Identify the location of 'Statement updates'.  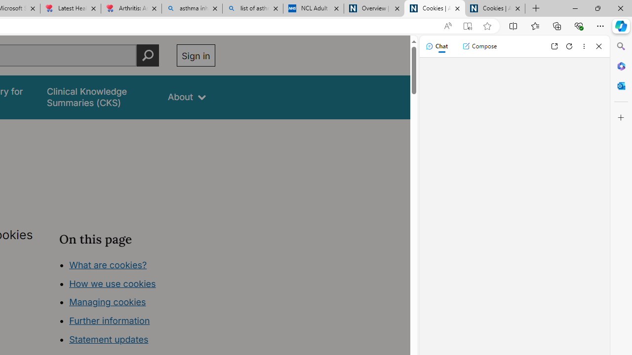
(109, 339).